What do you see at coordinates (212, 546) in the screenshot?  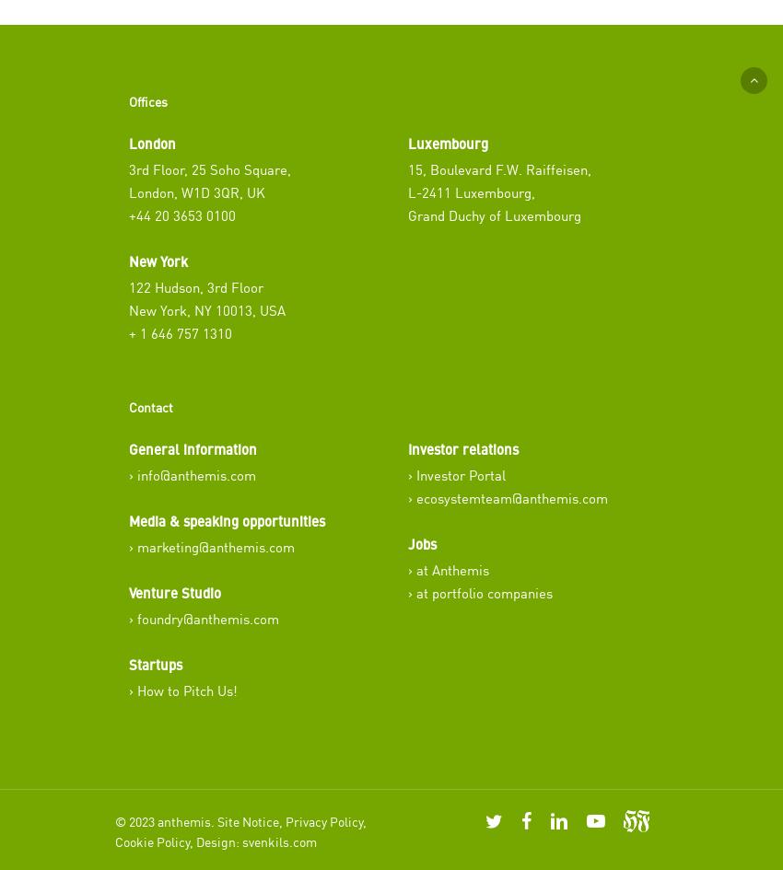 I see `'› marketing@anthemis.com'` at bounding box center [212, 546].